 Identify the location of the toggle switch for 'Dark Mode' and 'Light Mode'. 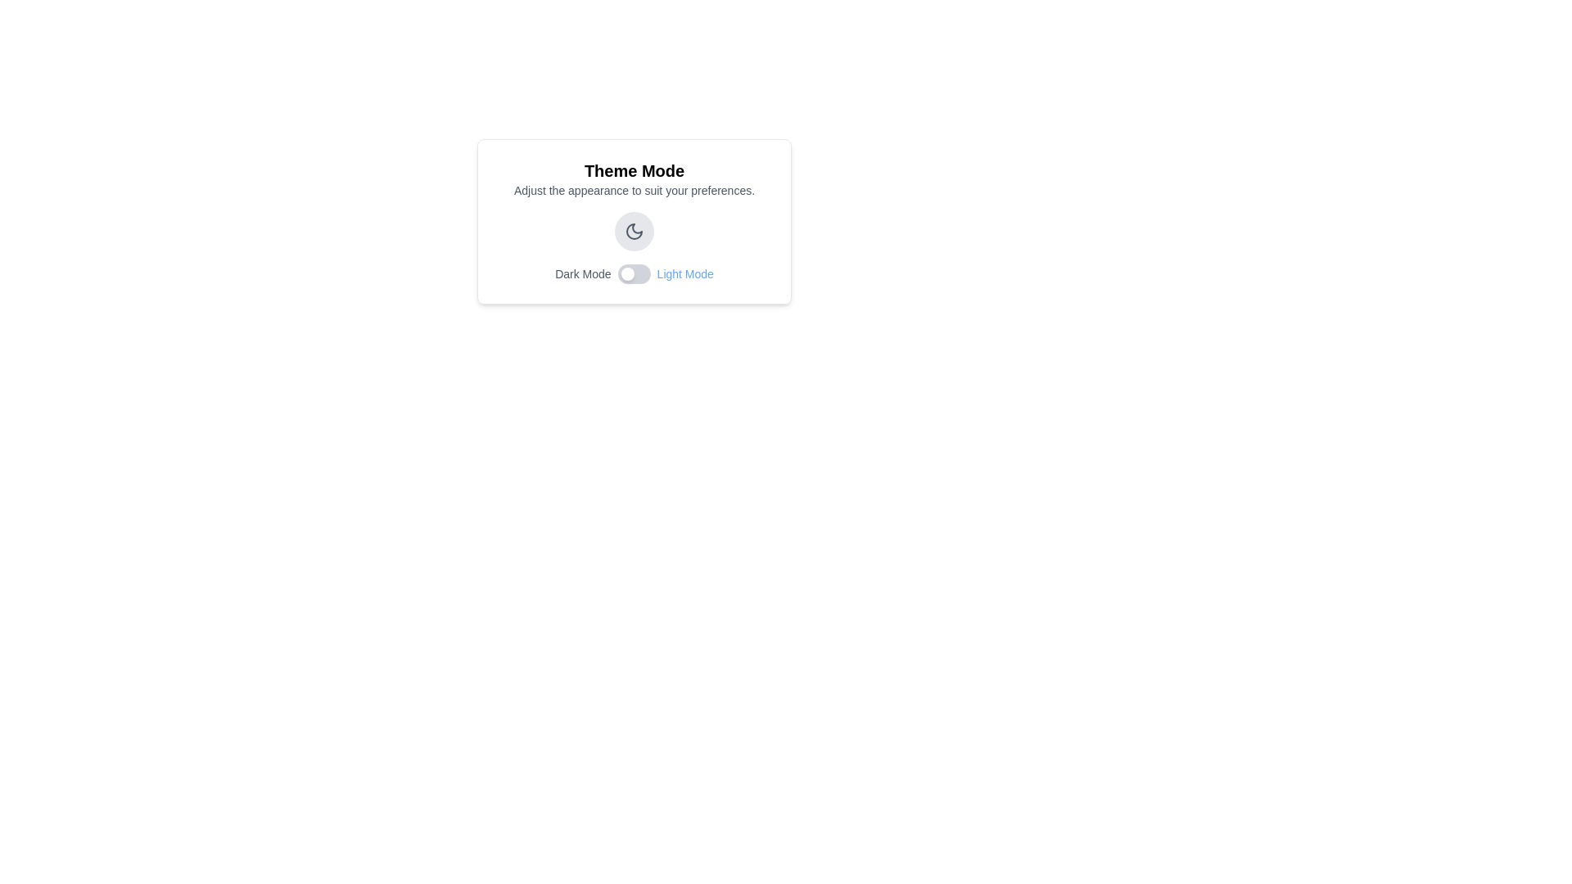
(633, 273).